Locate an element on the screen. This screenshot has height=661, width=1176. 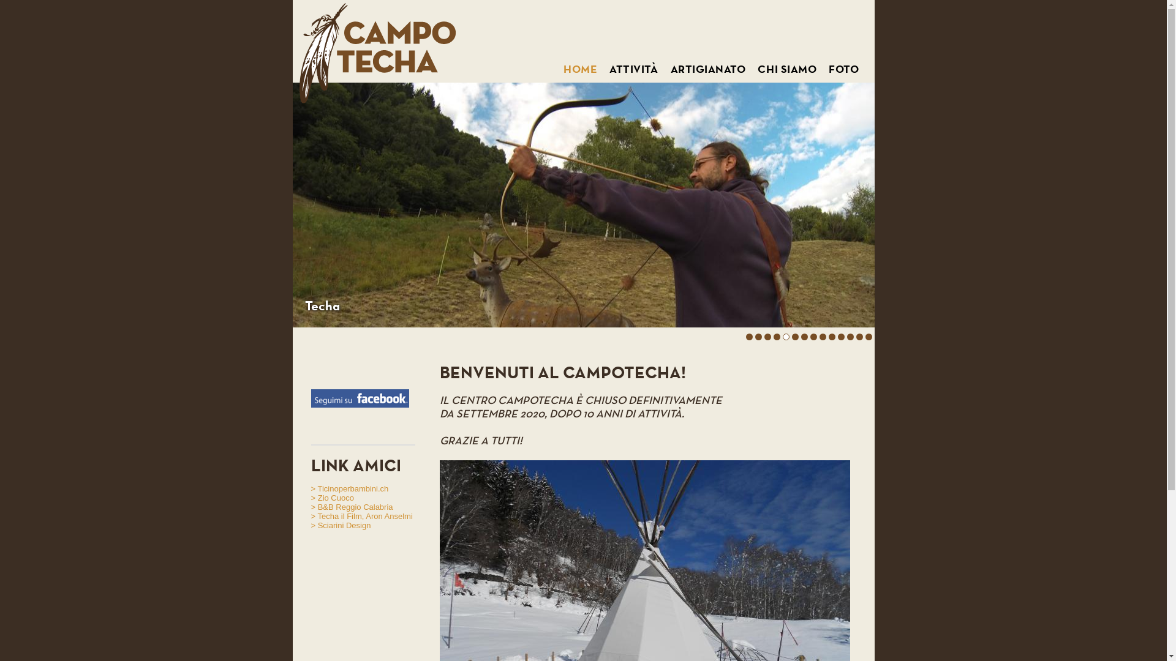
'6' is located at coordinates (794, 338).